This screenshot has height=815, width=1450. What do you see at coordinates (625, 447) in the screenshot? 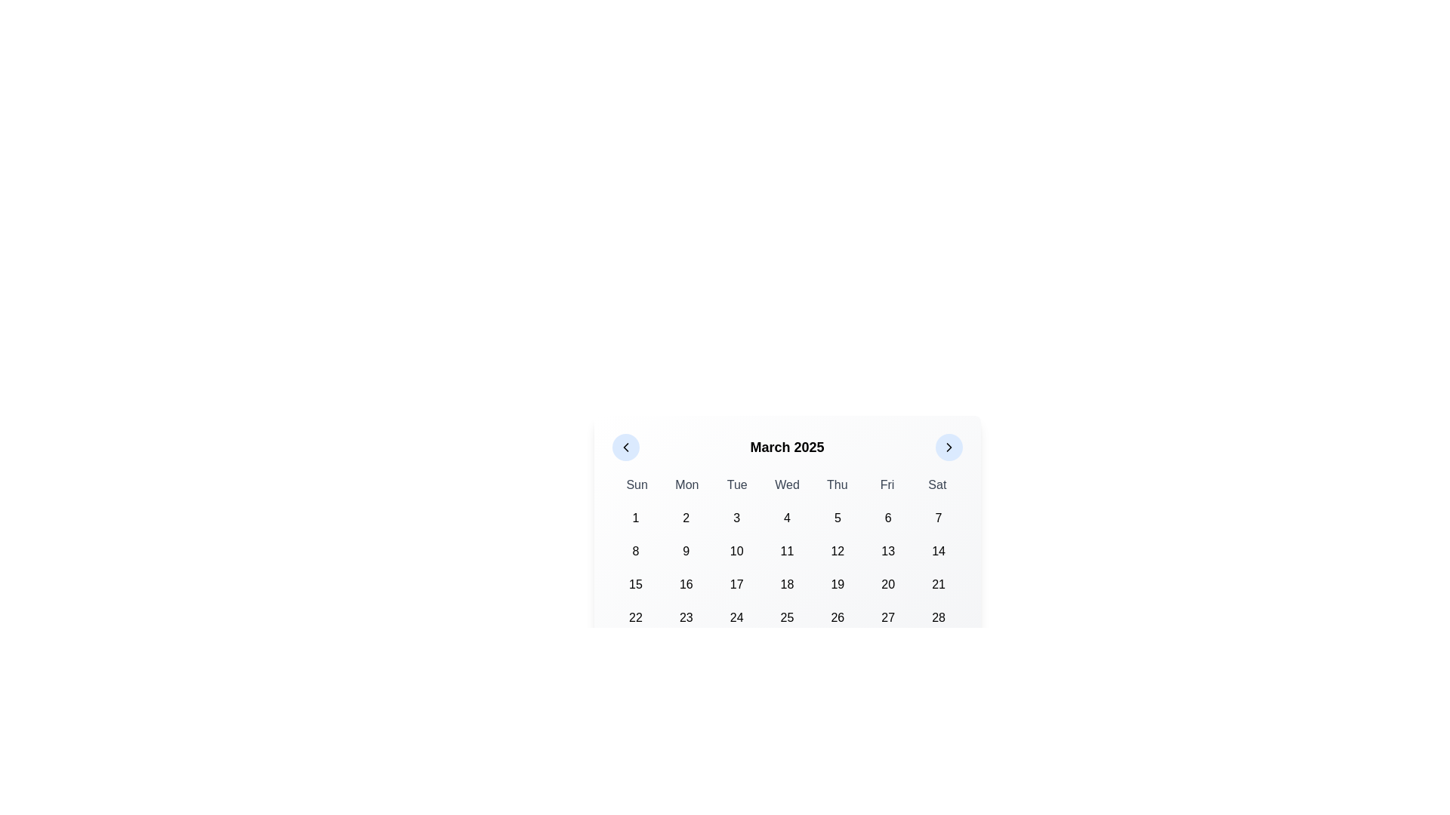
I see `the left-facing chevron button icon within the calendar interface` at bounding box center [625, 447].